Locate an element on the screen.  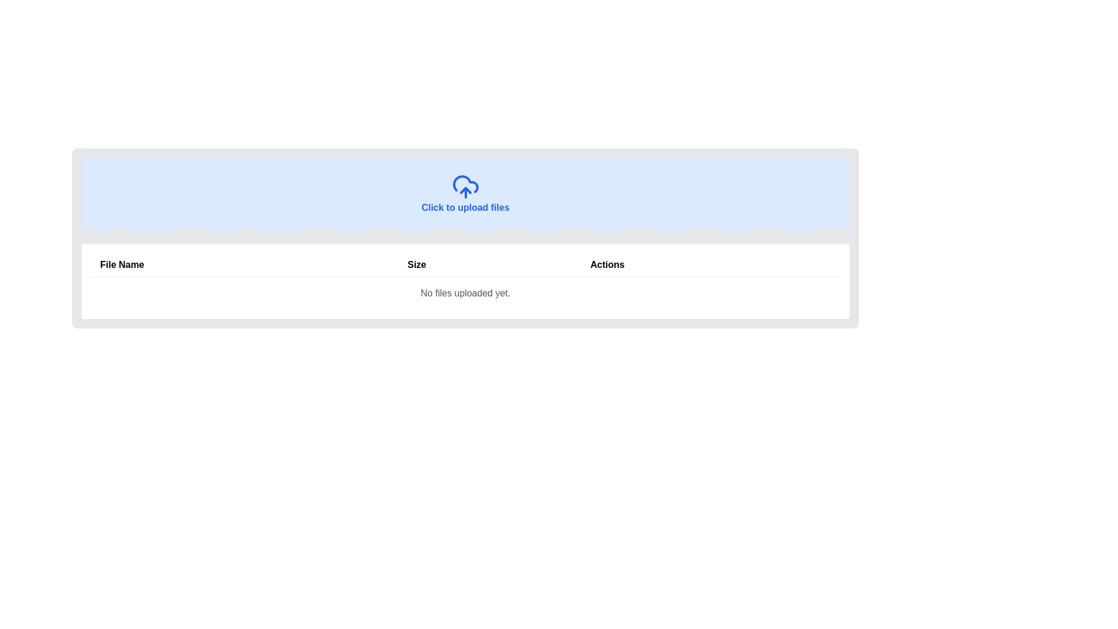
the blue cloud icon with an upward arrow, located centrally above the 'Click to upload files' text, to initiate the upload process is located at coordinates (465, 186).